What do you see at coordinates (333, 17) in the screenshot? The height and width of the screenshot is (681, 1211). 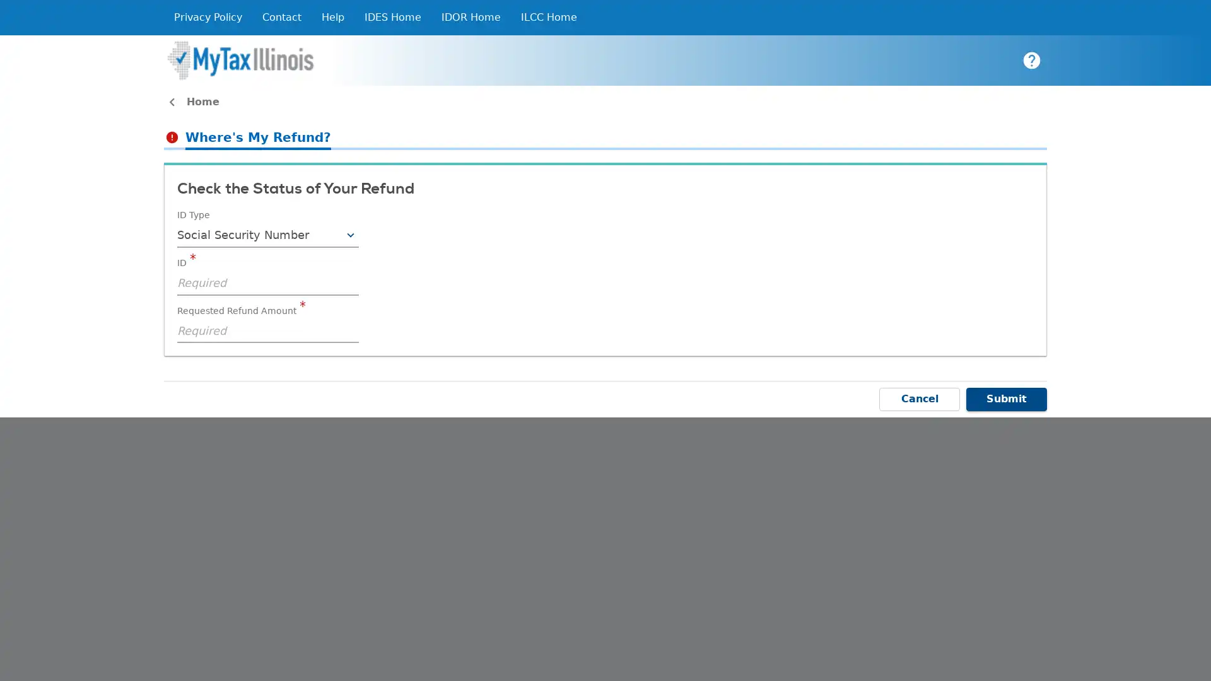 I see `Help` at bounding box center [333, 17].